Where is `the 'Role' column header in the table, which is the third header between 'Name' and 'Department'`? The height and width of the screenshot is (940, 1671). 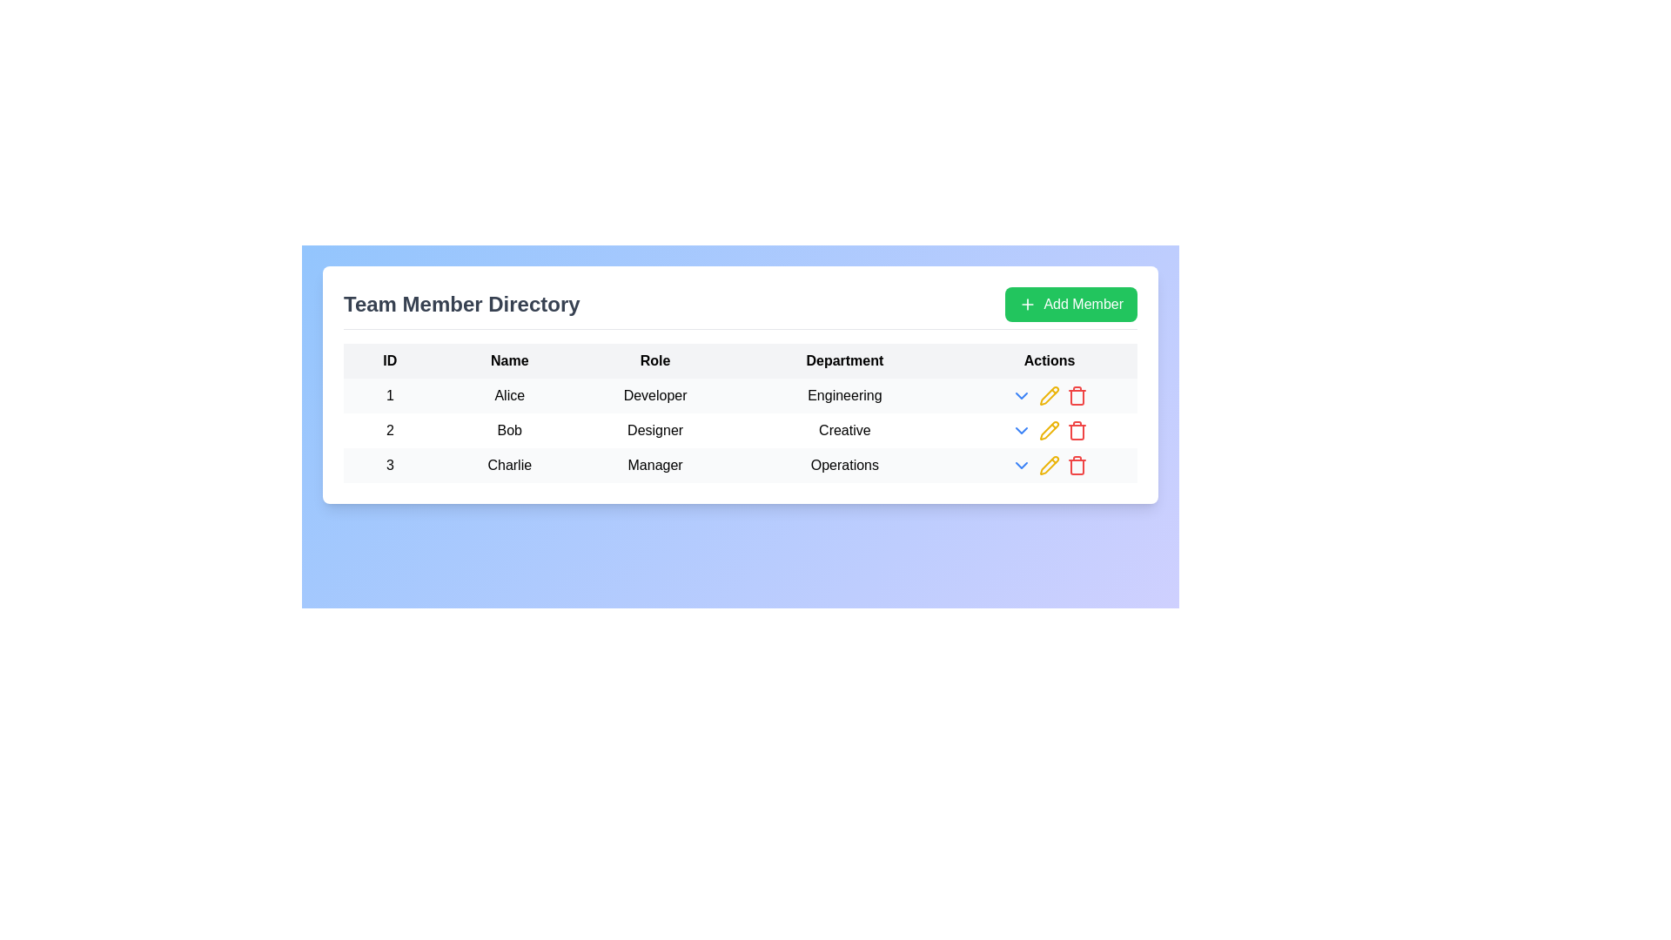 the 'Role' column header in the table, which is the third header between 'Name' and 'Department' is located at coordinates (654, 360).